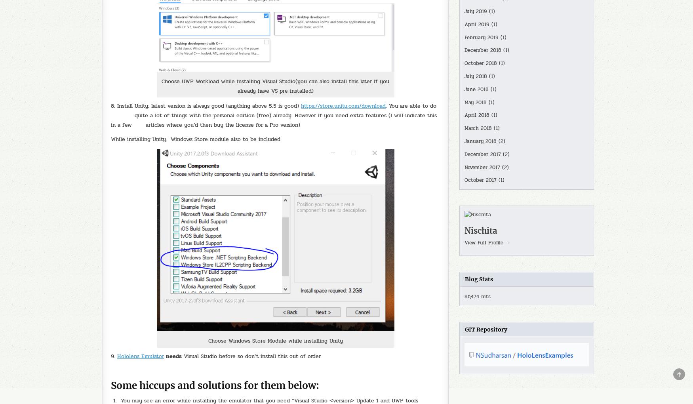 Image resolution: width=693 pixels, height=404 pixels. I want to click on 'Some hiccups and solutions for them below:', so click(215, 385).